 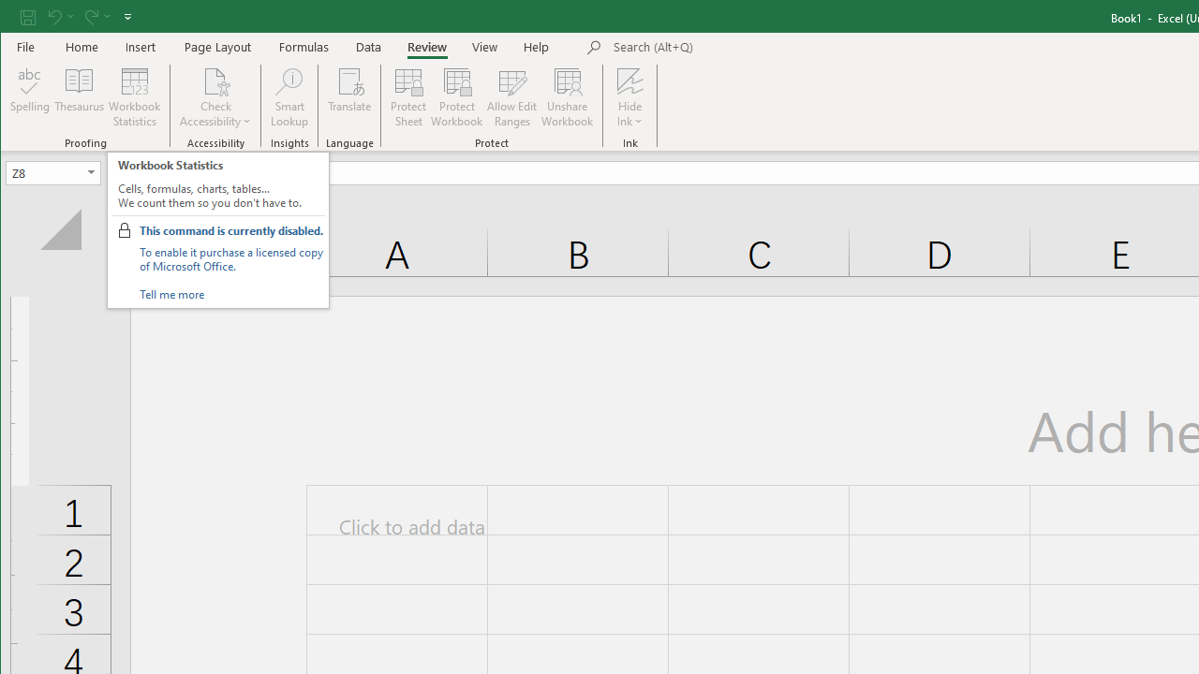 I want to click on 'Smart Lookup', so click(x=289, y=97).